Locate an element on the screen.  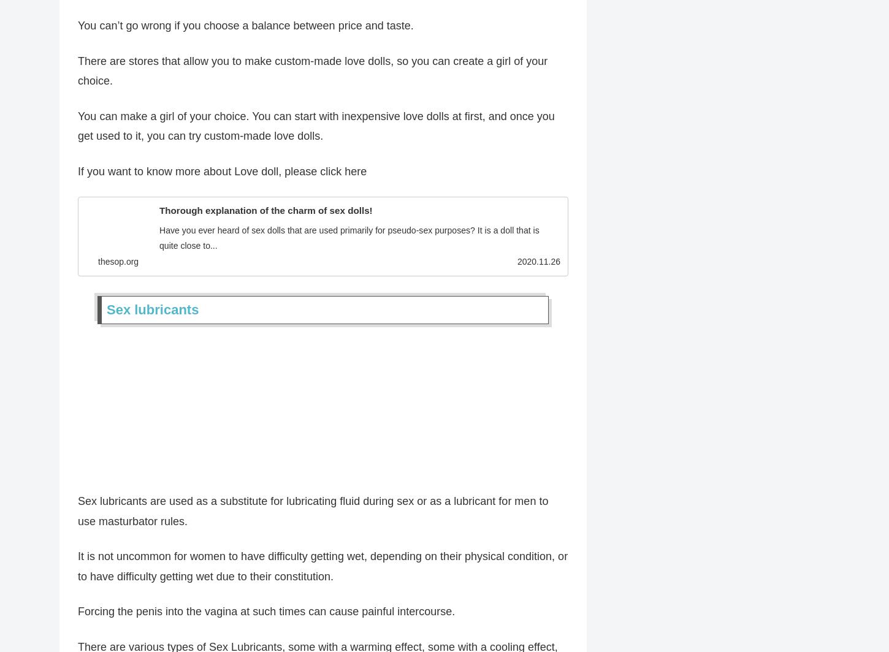
'There are stores that allow you to make custom-made love dolls, so you can create a girl of your choice.' is located at coordinates (312, 74).